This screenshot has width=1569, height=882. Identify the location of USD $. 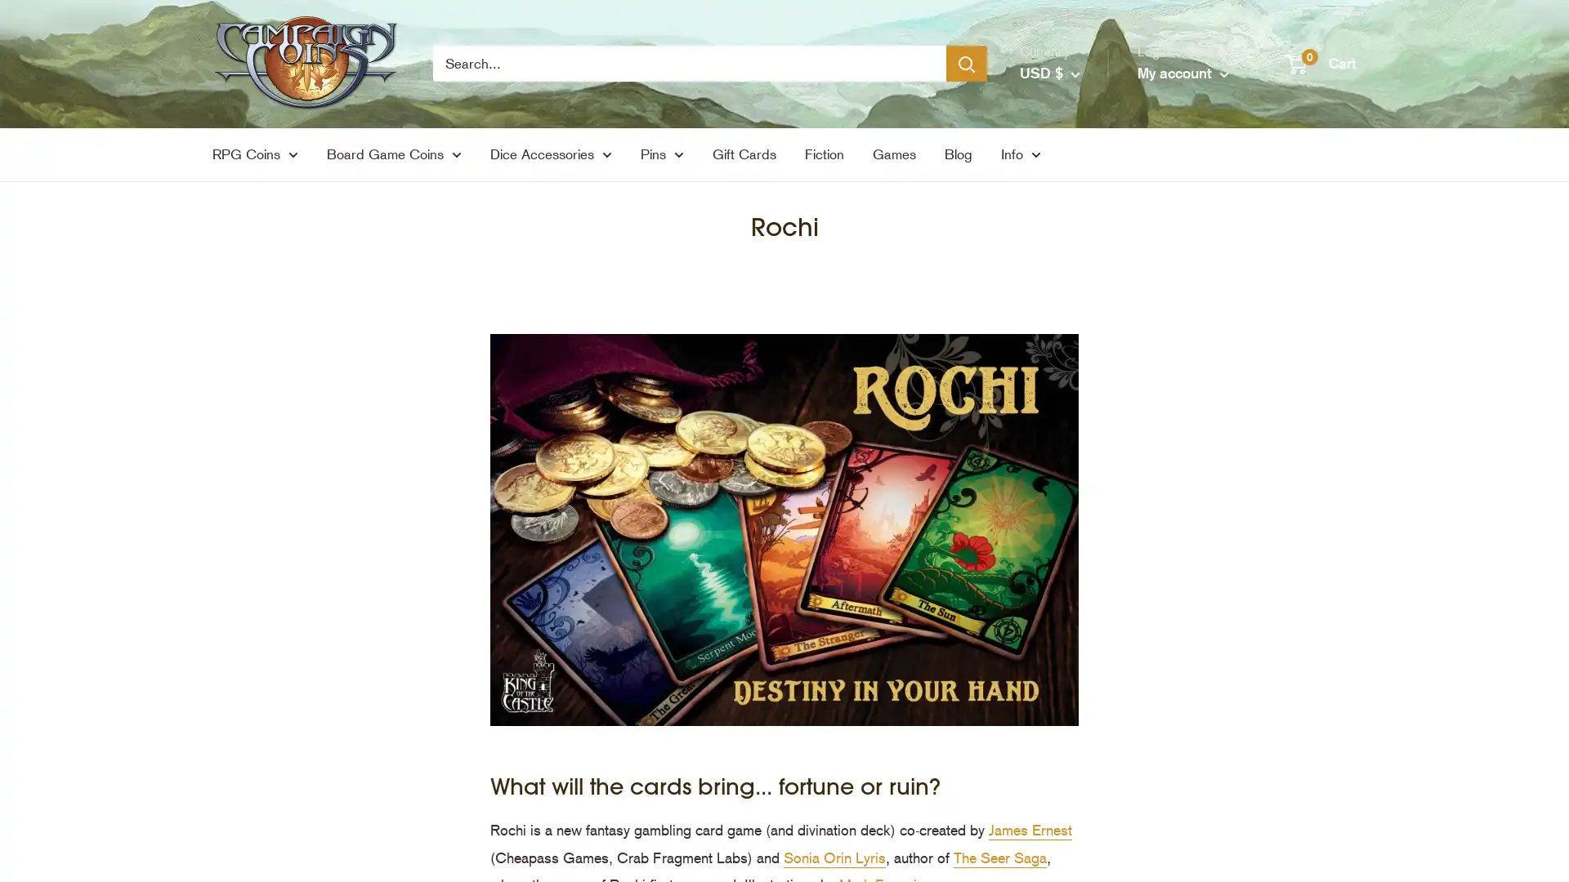
(1050, 72).